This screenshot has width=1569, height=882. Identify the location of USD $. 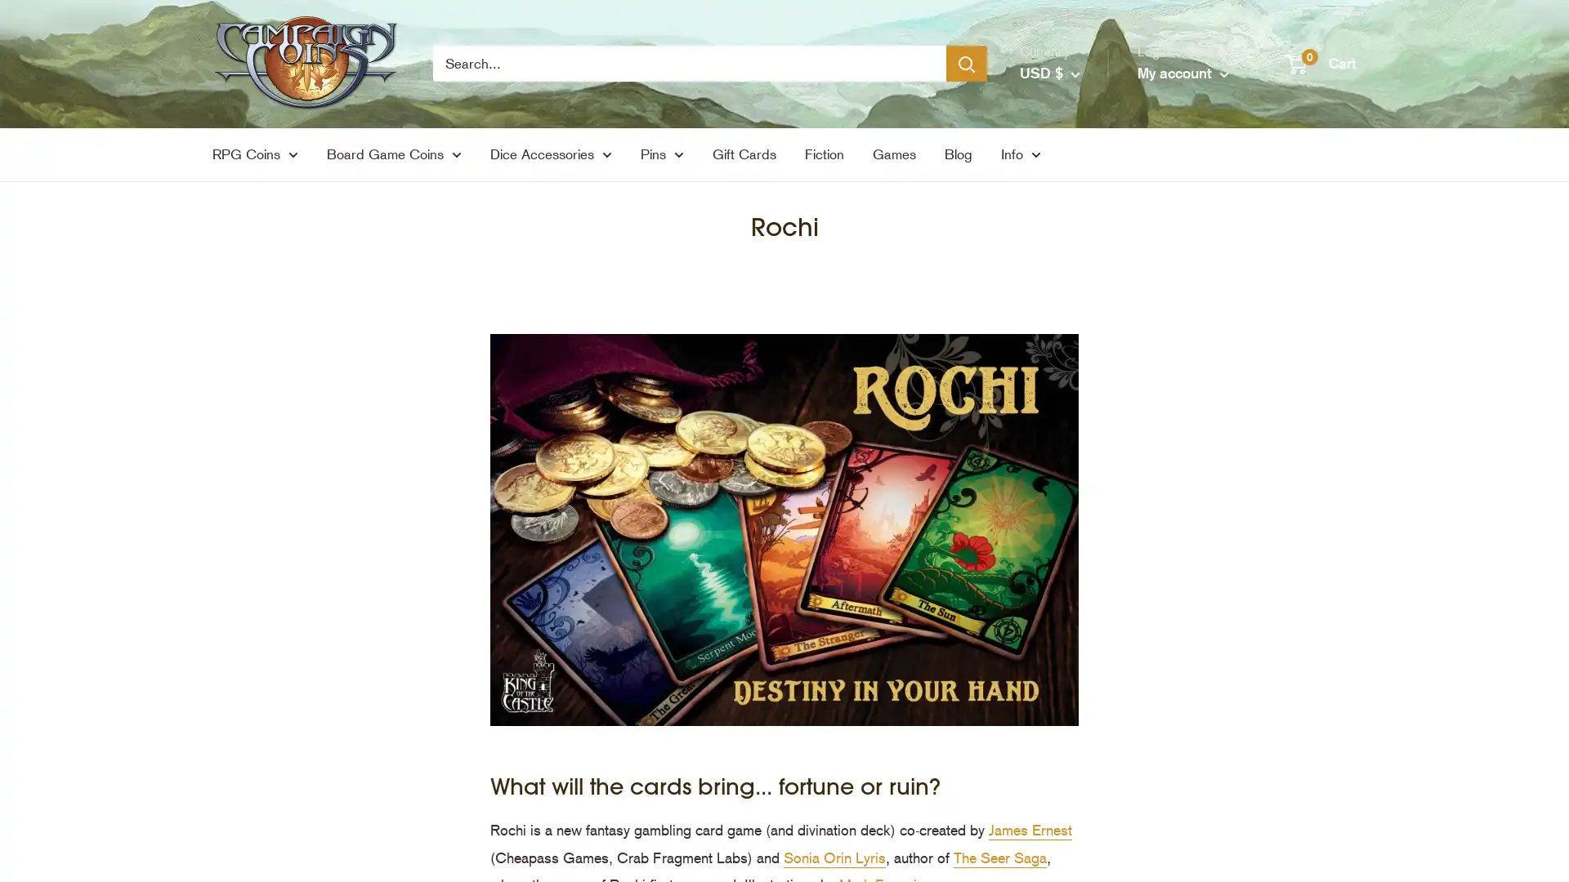
(1050, 72).